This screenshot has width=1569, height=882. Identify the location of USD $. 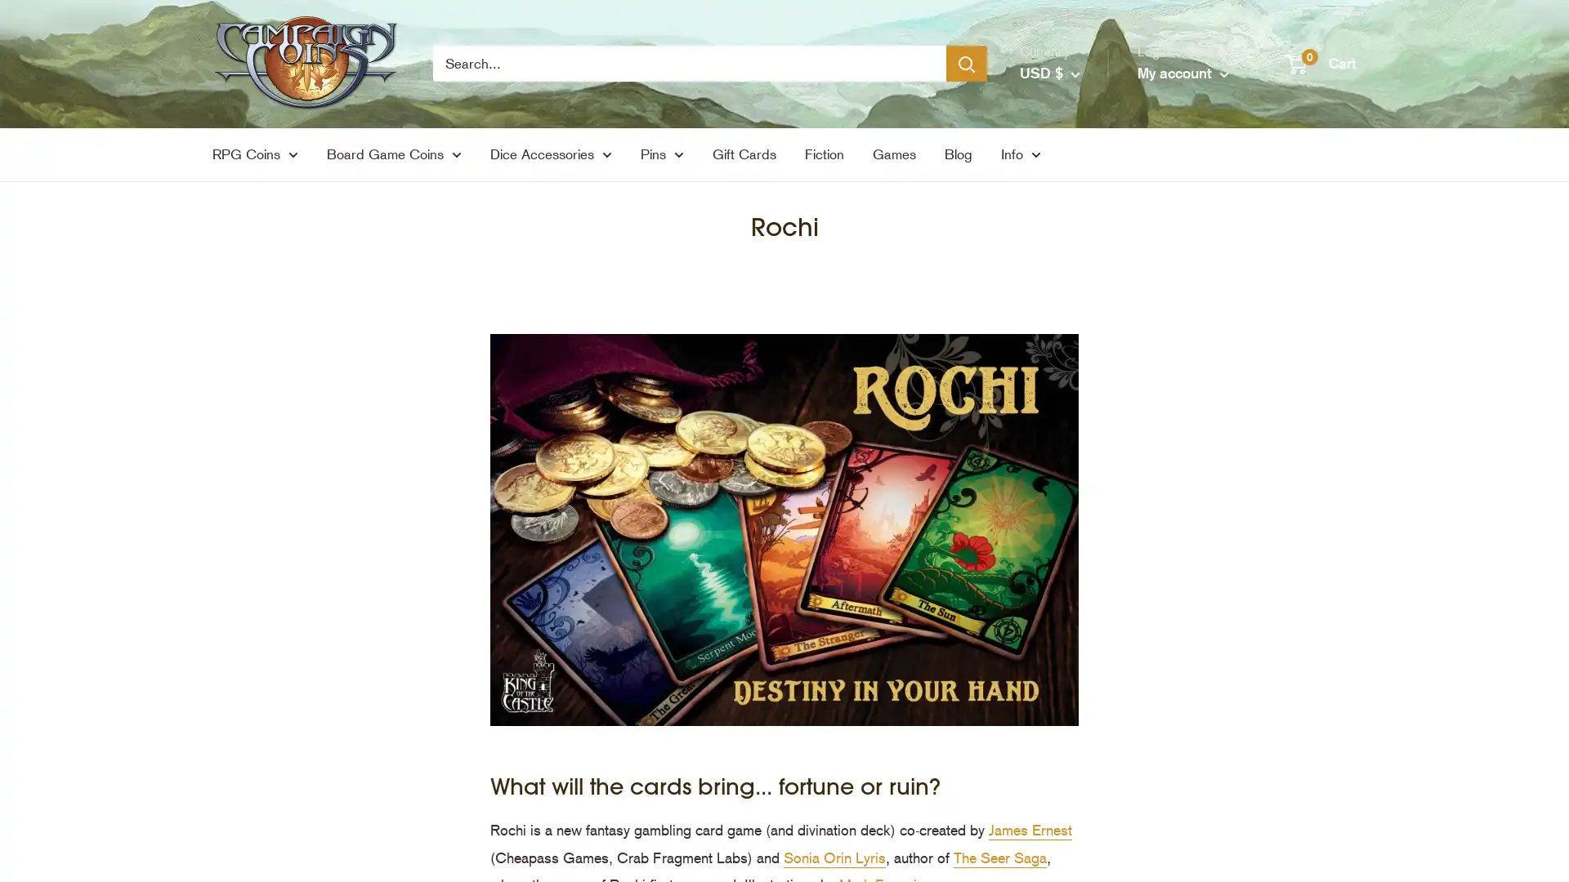
(1050, 72).